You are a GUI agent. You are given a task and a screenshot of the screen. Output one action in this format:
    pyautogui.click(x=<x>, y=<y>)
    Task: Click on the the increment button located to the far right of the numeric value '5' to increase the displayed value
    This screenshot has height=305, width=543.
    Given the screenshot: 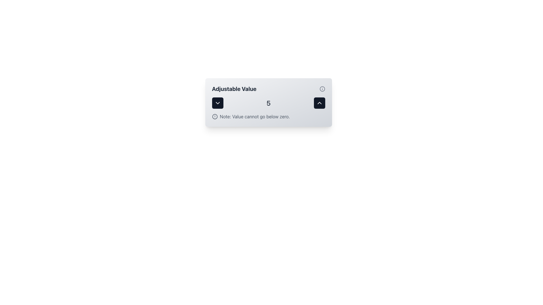 What is the action you would take?
    pyautogui.click(x=319, y=103)
    